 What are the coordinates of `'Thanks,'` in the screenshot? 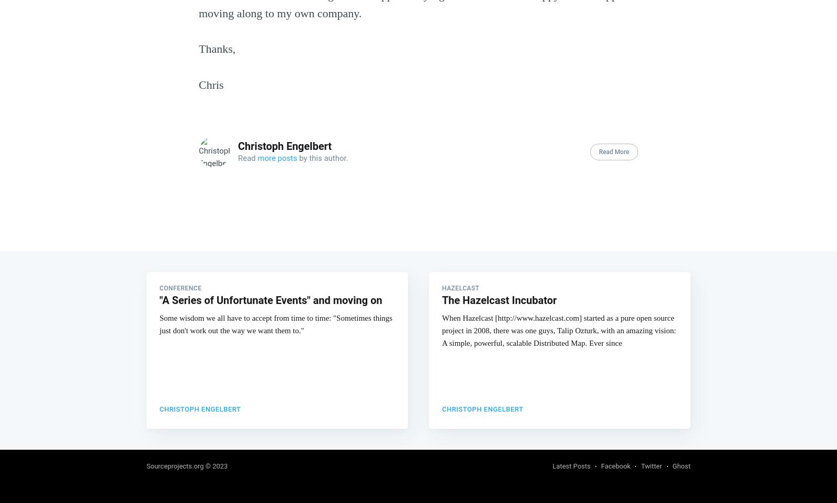 It's located at (217, 48).